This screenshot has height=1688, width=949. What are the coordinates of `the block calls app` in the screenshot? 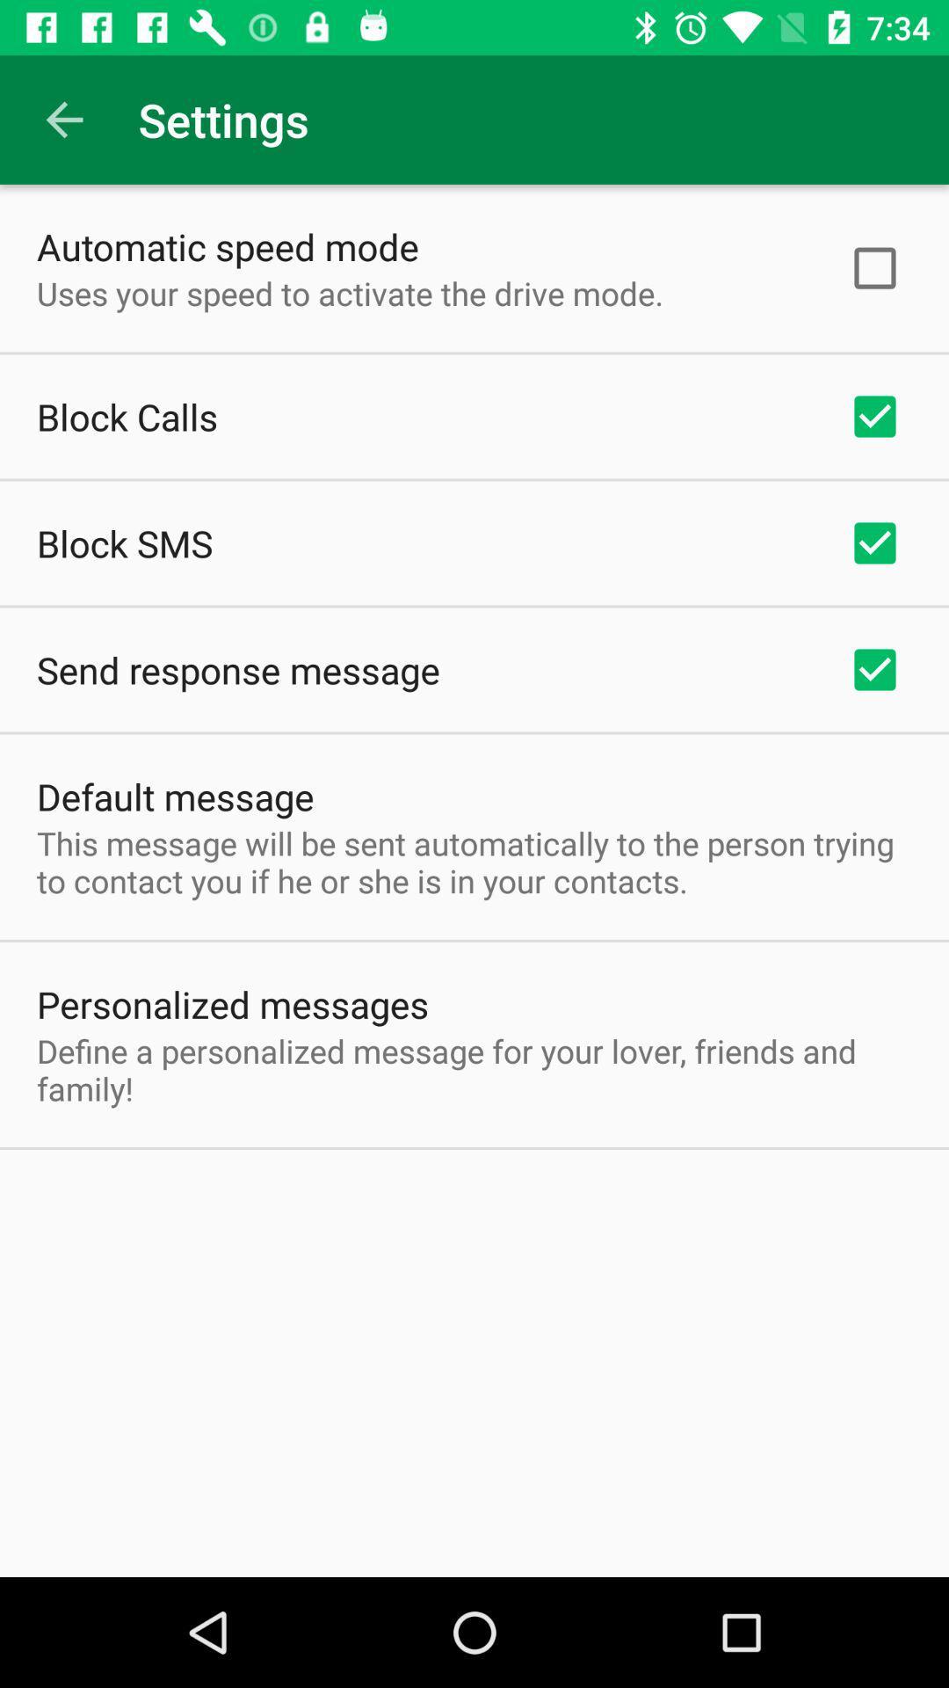 It's located at (127, 416).